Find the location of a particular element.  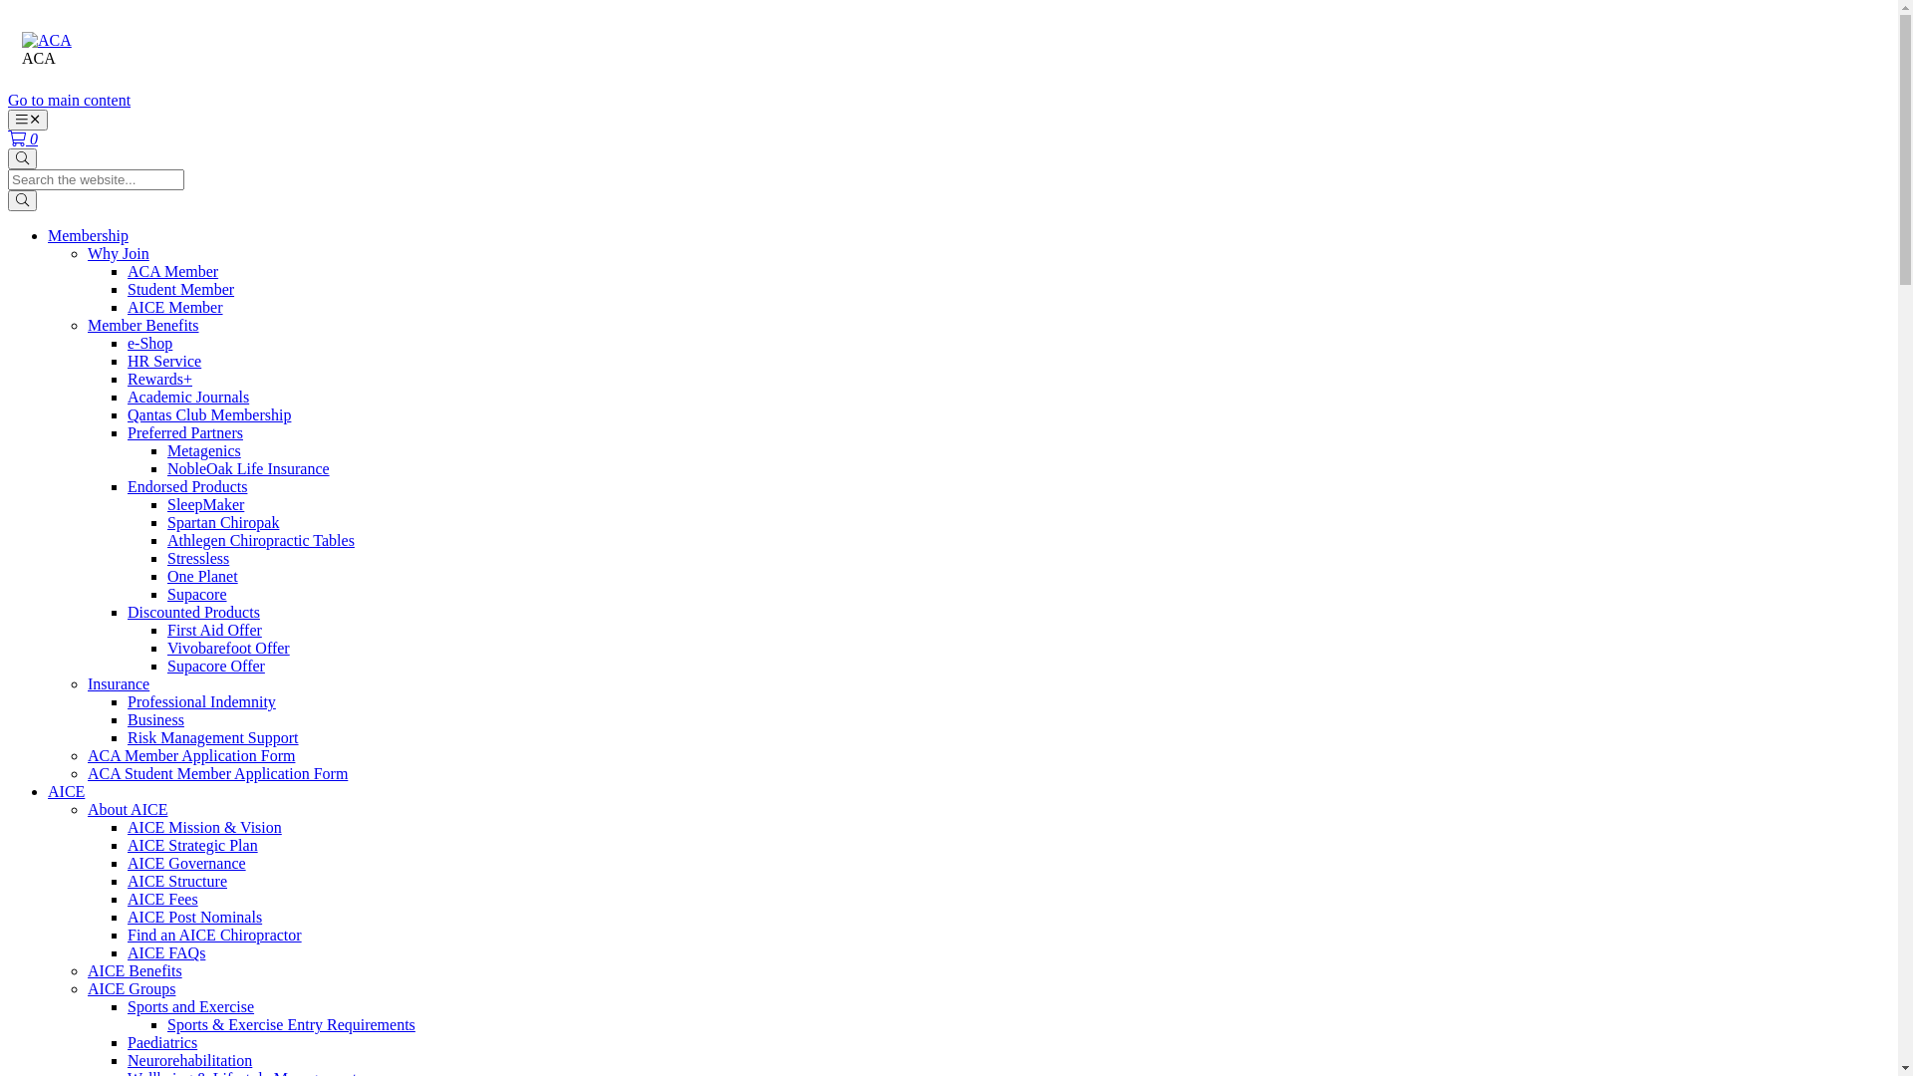

'Search' is located at coordinates (22, 157).